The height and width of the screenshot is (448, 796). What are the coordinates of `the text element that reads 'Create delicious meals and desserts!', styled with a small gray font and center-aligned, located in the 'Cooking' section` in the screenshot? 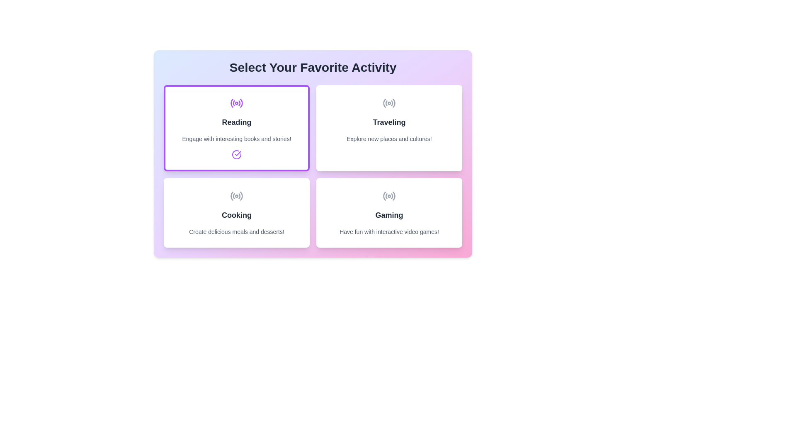 It's located at (236, 232).